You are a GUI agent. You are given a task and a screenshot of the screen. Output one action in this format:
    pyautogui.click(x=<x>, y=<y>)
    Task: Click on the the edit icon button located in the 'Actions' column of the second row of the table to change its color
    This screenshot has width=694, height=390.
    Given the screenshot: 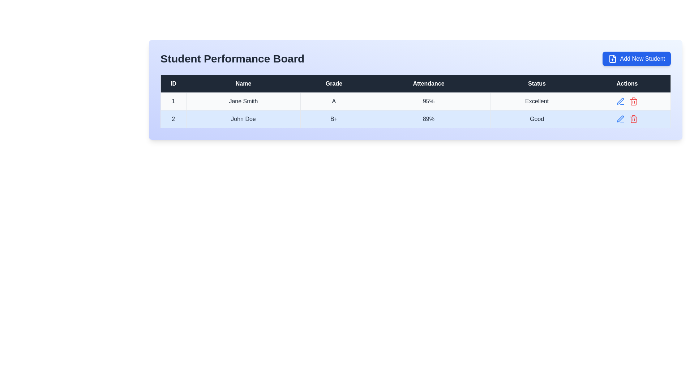 What is the action you would take?
    pyautogui.click(x=620, y=101)
    